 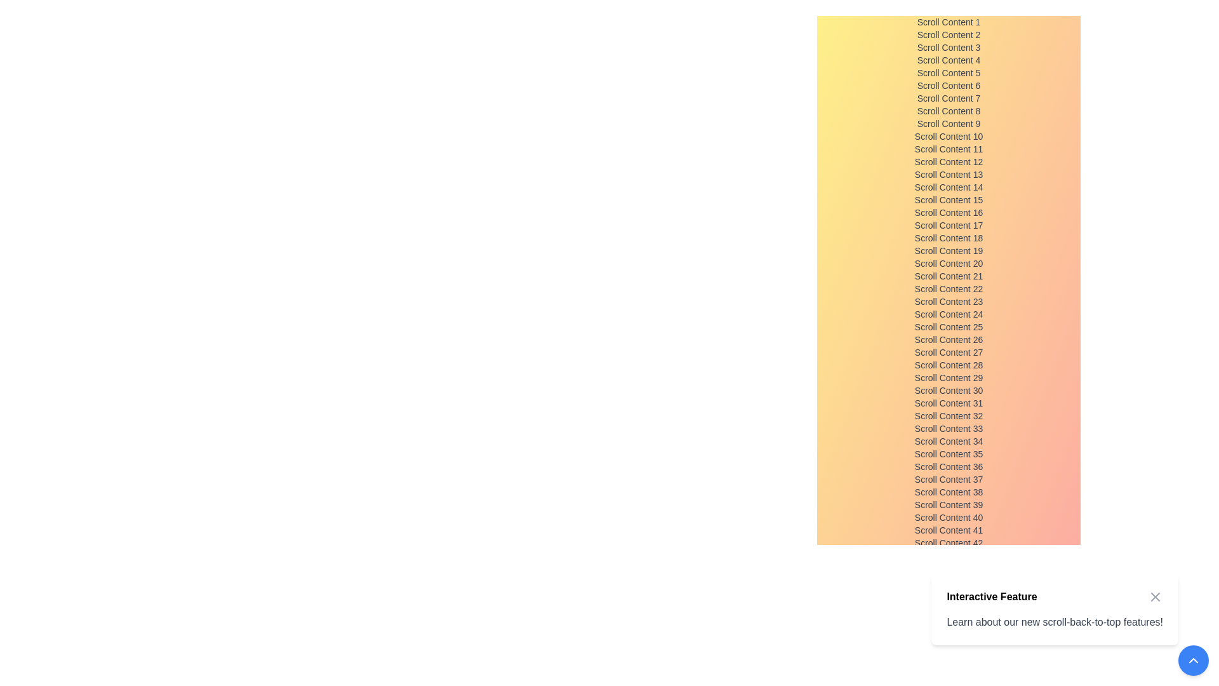 What do you see at coordinates (949, 212) in the screenshot?
I see `the static text element displaying 'Scroll Content 16', which is styled in gray and is the 16th item in the vertical list` at bounding box center [949, 212].